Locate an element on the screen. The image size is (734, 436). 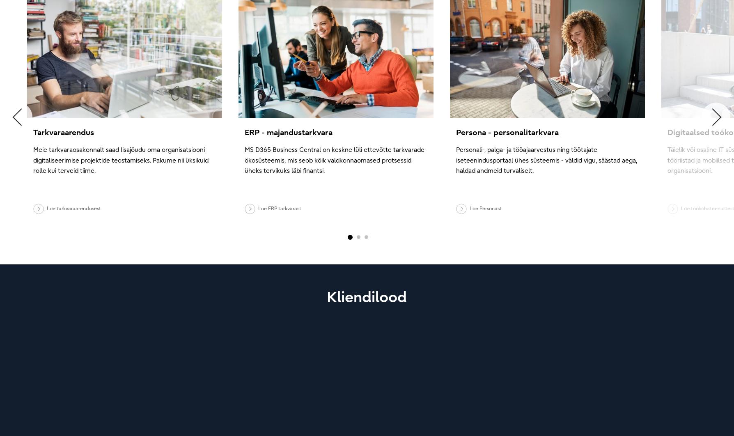
'Persona - personalitarkvara' is located at coordinates (456, 131).